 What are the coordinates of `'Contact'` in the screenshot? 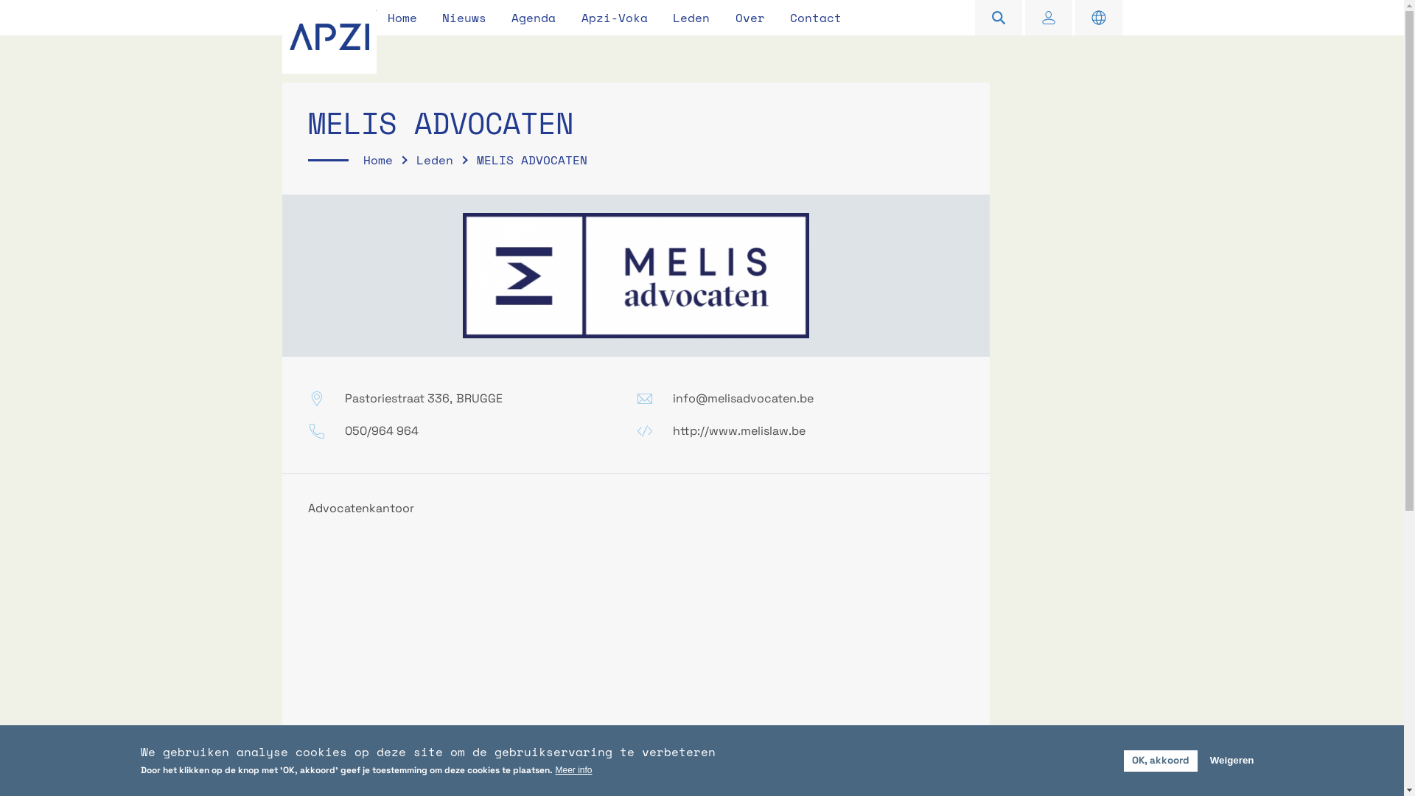 It's located at (815, 17).